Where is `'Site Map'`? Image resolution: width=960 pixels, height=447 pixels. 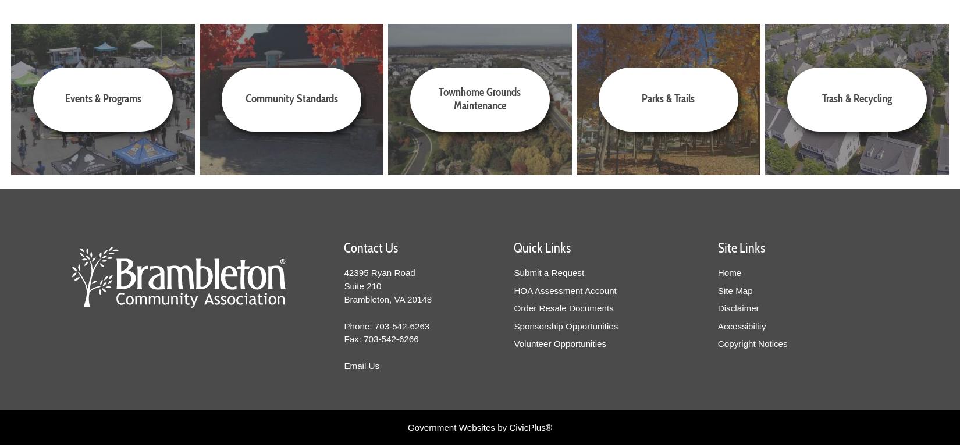 'Site Map' is located at coordinates (734, 290).